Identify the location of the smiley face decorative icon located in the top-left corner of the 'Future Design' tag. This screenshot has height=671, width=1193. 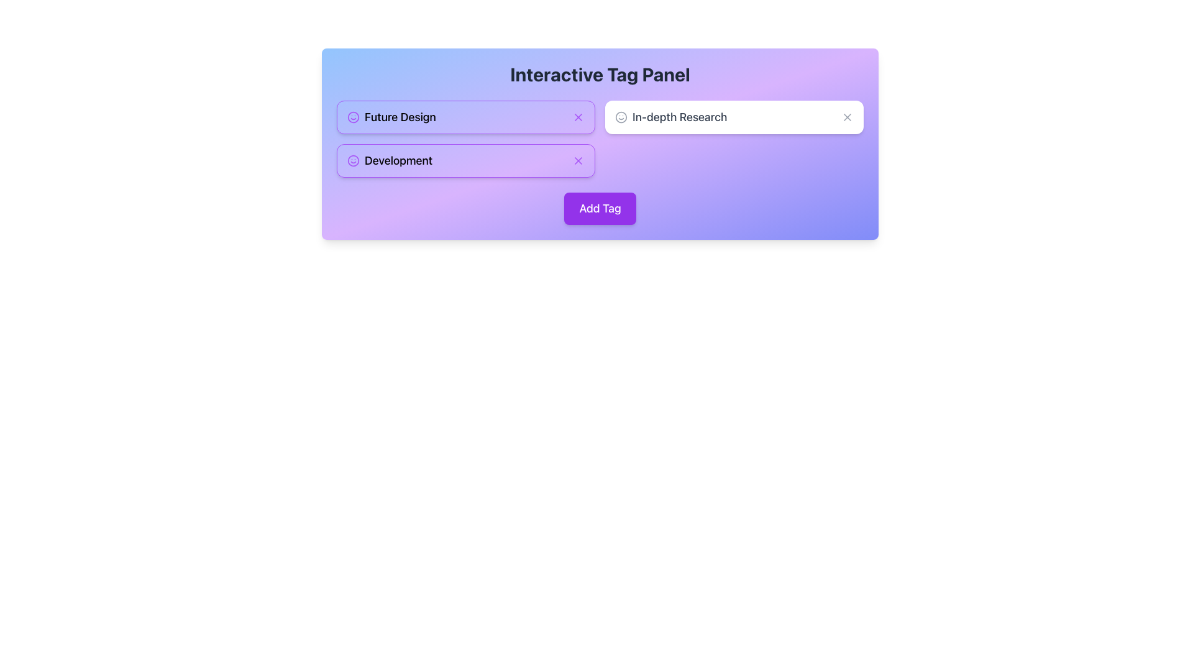
(353, 117).